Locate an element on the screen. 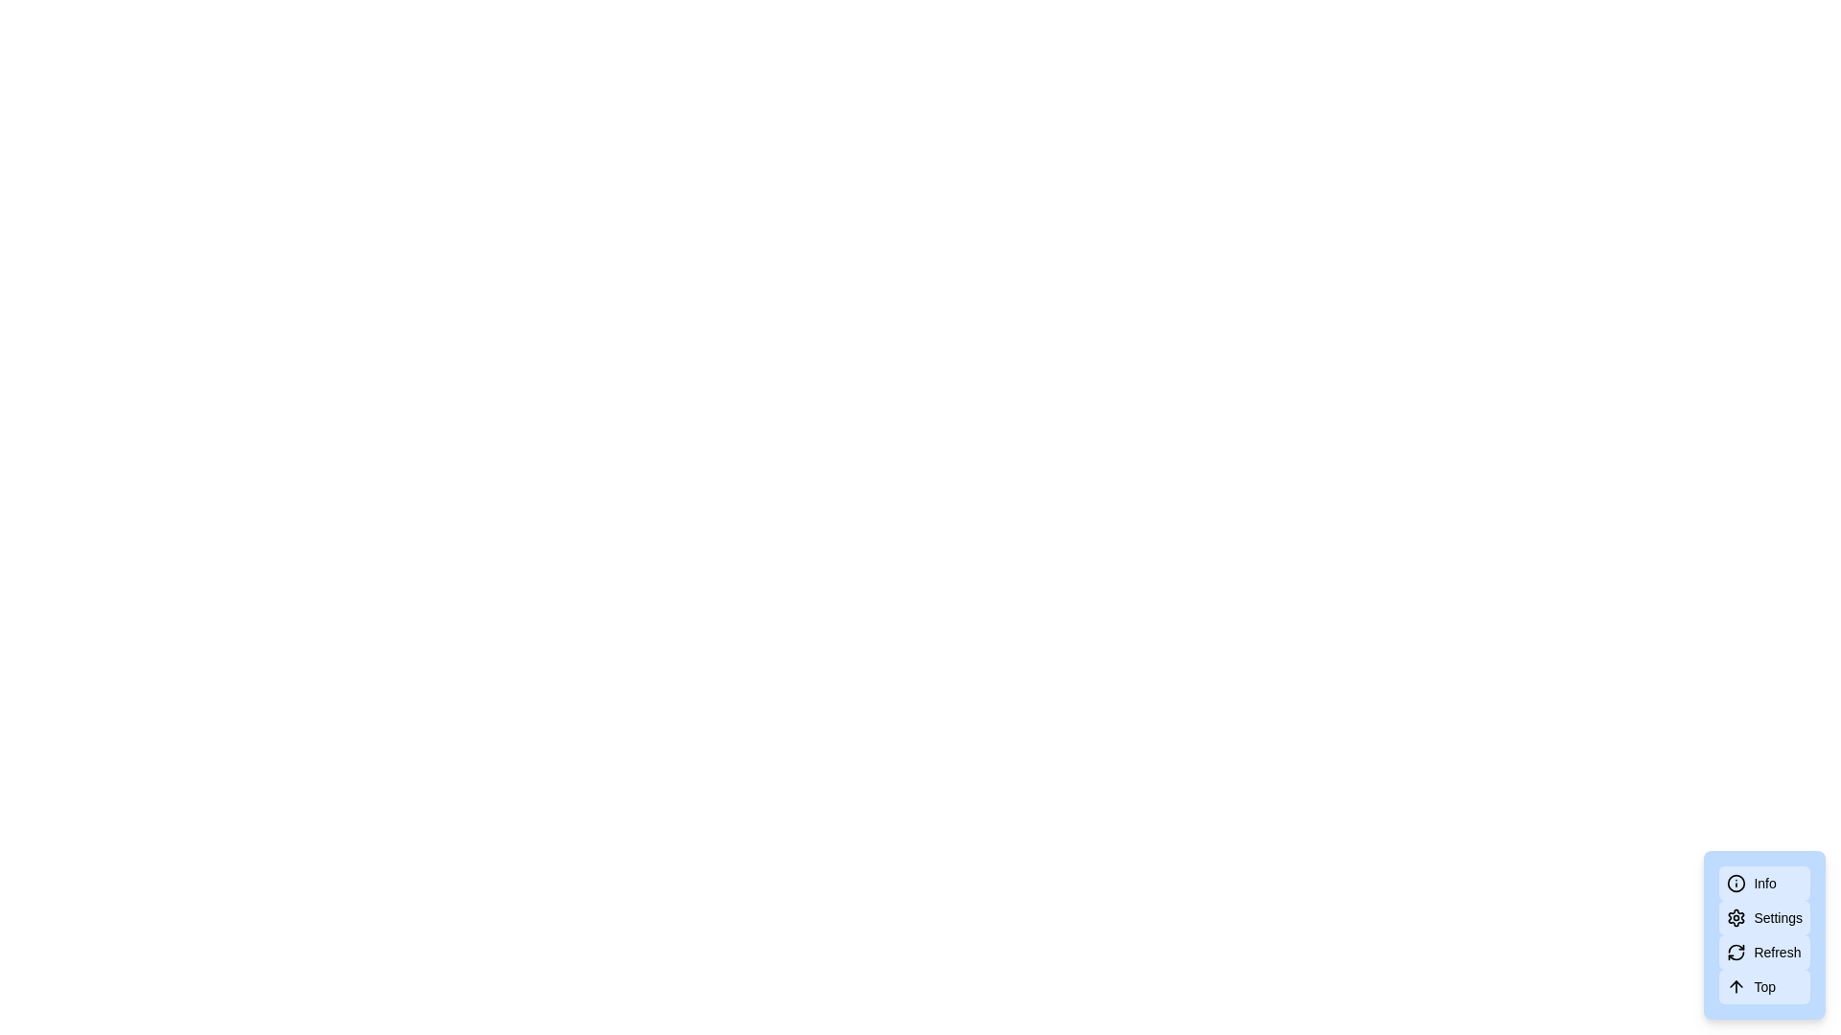 Image resolution: width=1841 pixels, height=1035 pixels. the 'Info' button with a light blue background and an information icon on the left is located at coordinates (1764, 883).